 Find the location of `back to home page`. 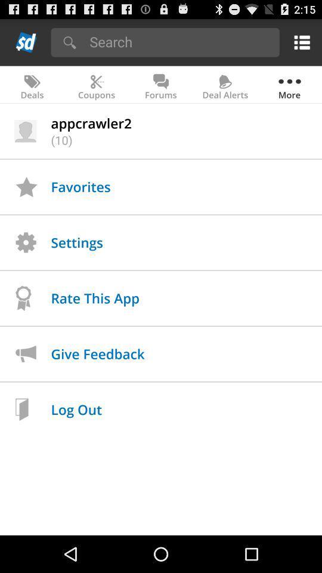

back to home page is located at coordinates (26, 42).